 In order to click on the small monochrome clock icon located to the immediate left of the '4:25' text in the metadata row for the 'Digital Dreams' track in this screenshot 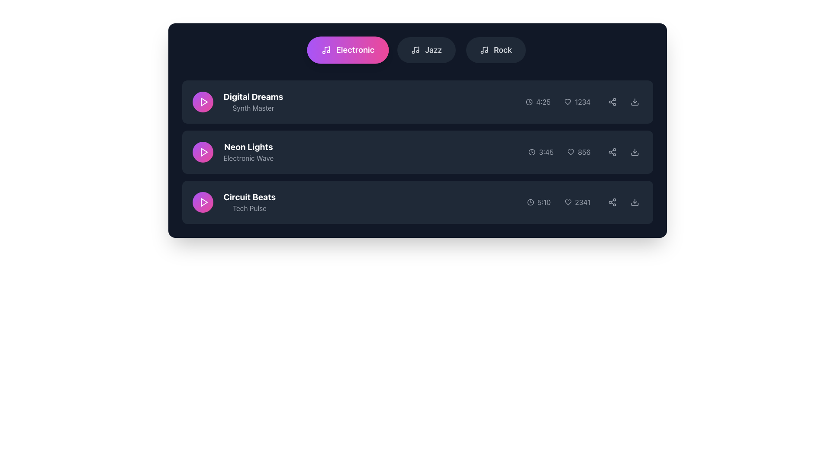, I will do `click(528, 101)`.